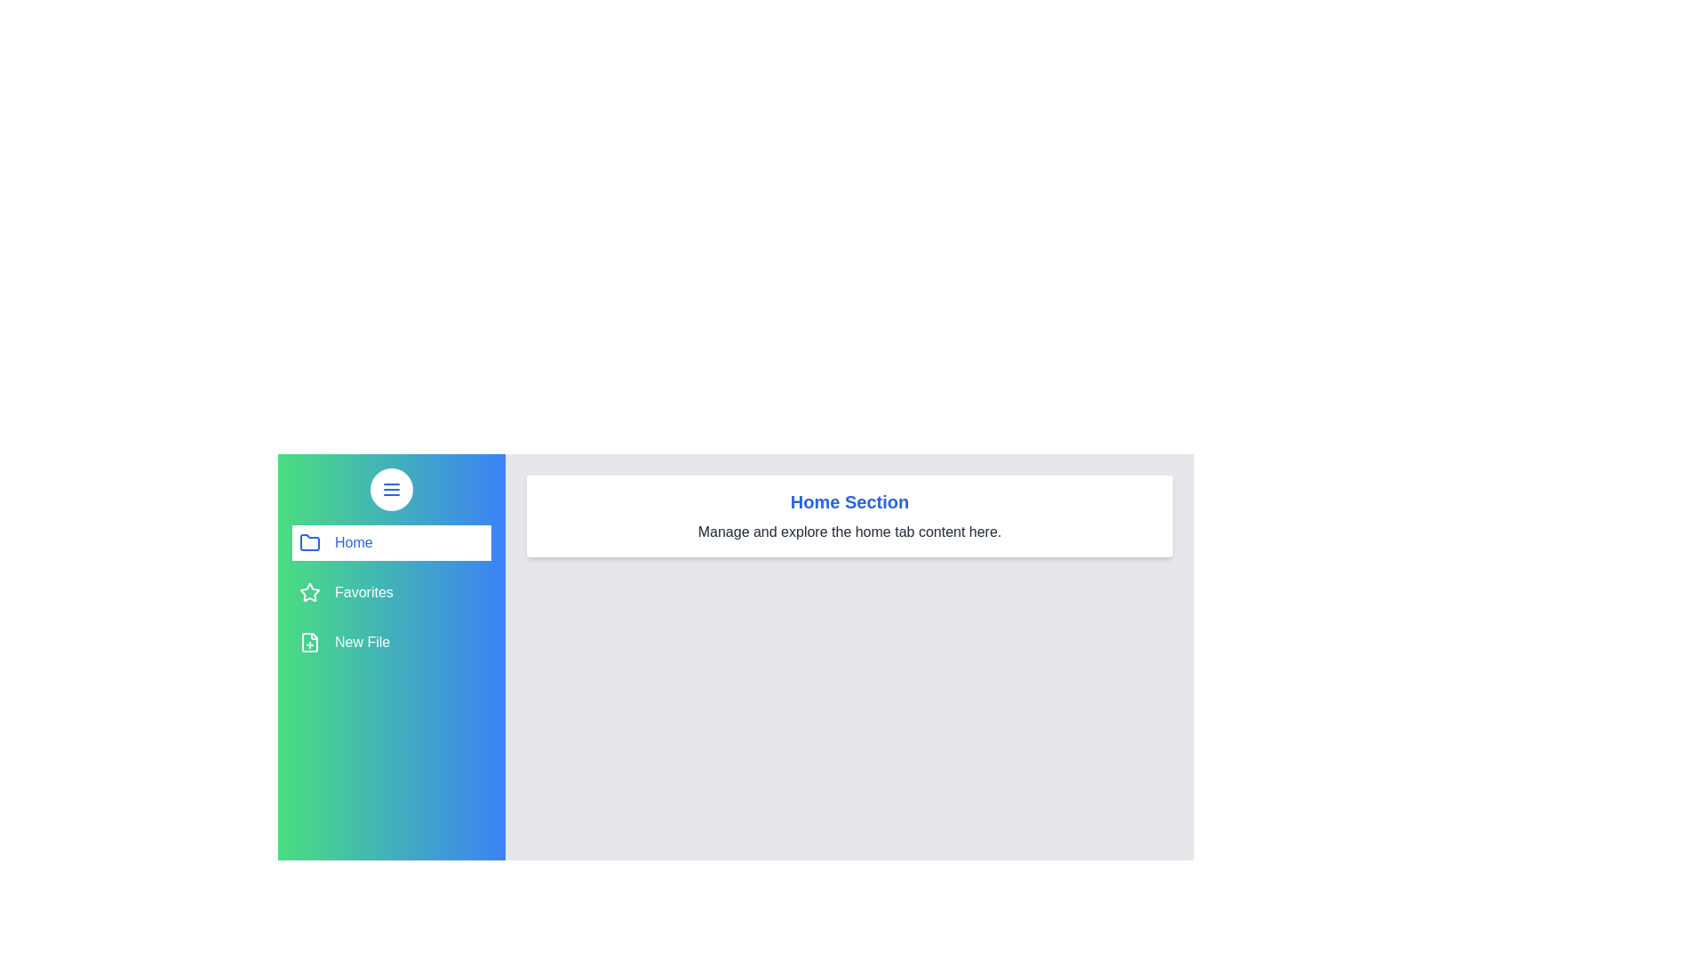  What do you see at coordinates (391, 541) in the screenshot?
I see `the tab Home by clicking on its corresponding item` at bounding box center [391, 541].